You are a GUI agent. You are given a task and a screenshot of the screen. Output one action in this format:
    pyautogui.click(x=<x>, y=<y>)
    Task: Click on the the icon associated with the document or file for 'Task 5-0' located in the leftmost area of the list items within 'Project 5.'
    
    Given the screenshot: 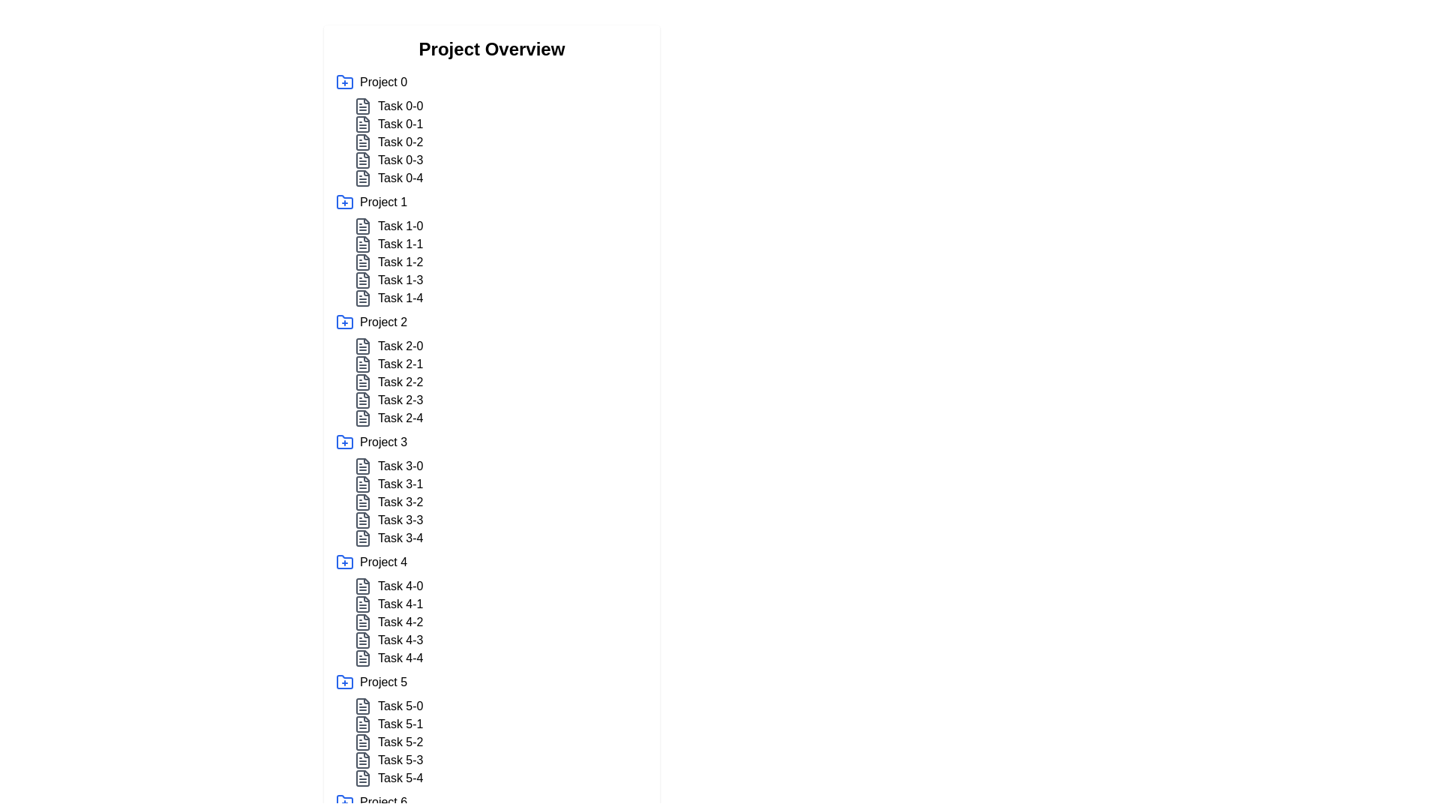 What is the action you would take?
    pyautogui.click(x=363, y=706)
    